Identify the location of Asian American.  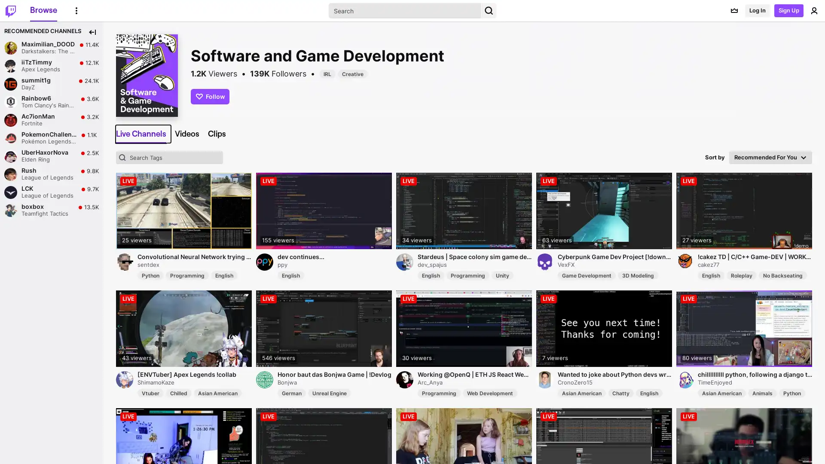
(218, 393).